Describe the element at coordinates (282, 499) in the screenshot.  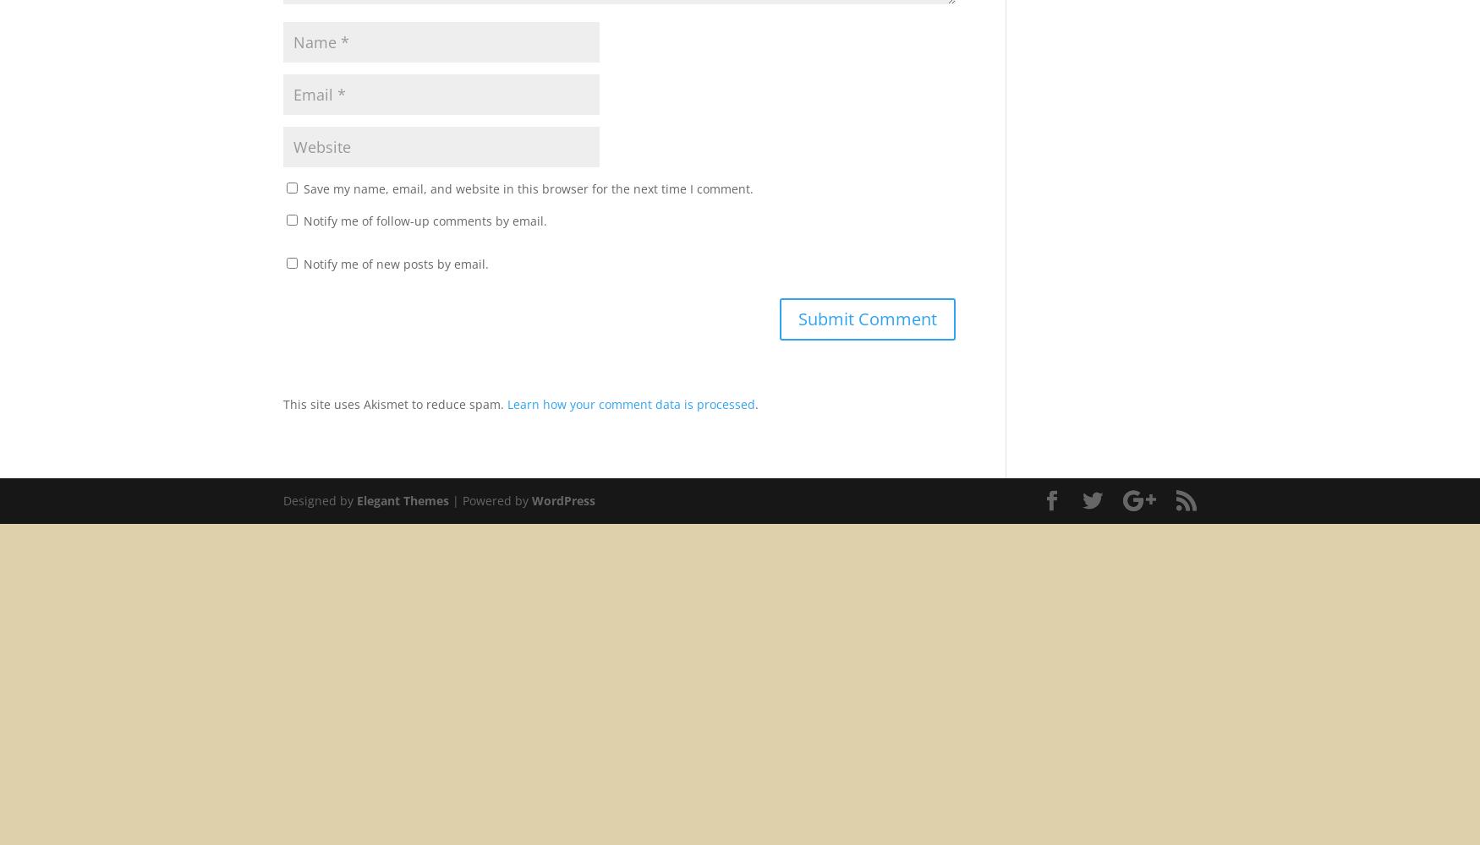
I see `'Designed by'` at that location.